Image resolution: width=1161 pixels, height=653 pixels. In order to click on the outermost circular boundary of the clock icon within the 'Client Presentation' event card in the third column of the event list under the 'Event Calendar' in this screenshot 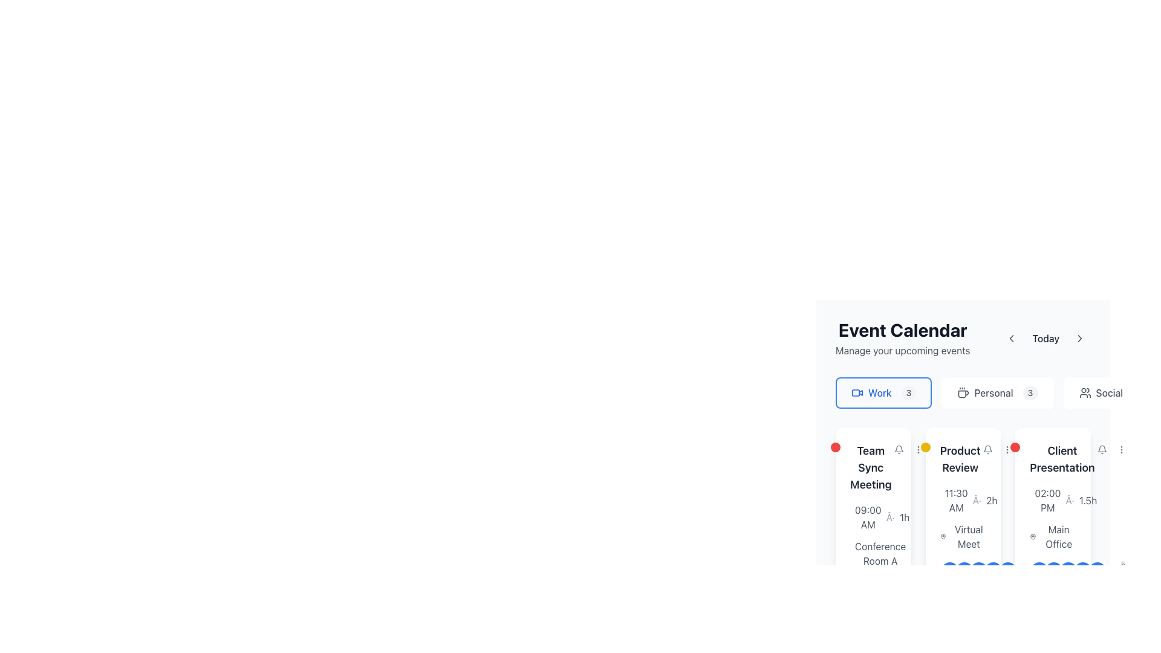, I will do `click(1036, 503)`.